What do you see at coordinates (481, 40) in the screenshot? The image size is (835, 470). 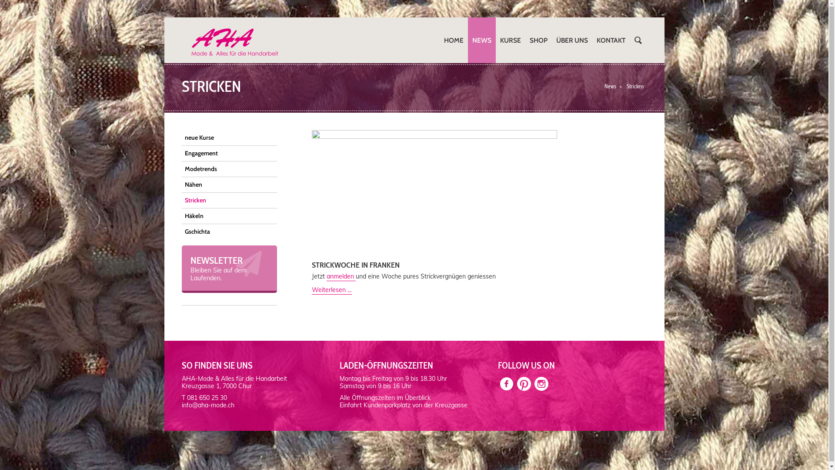 I see `'NEWS'` at bounding box center [481, 40].